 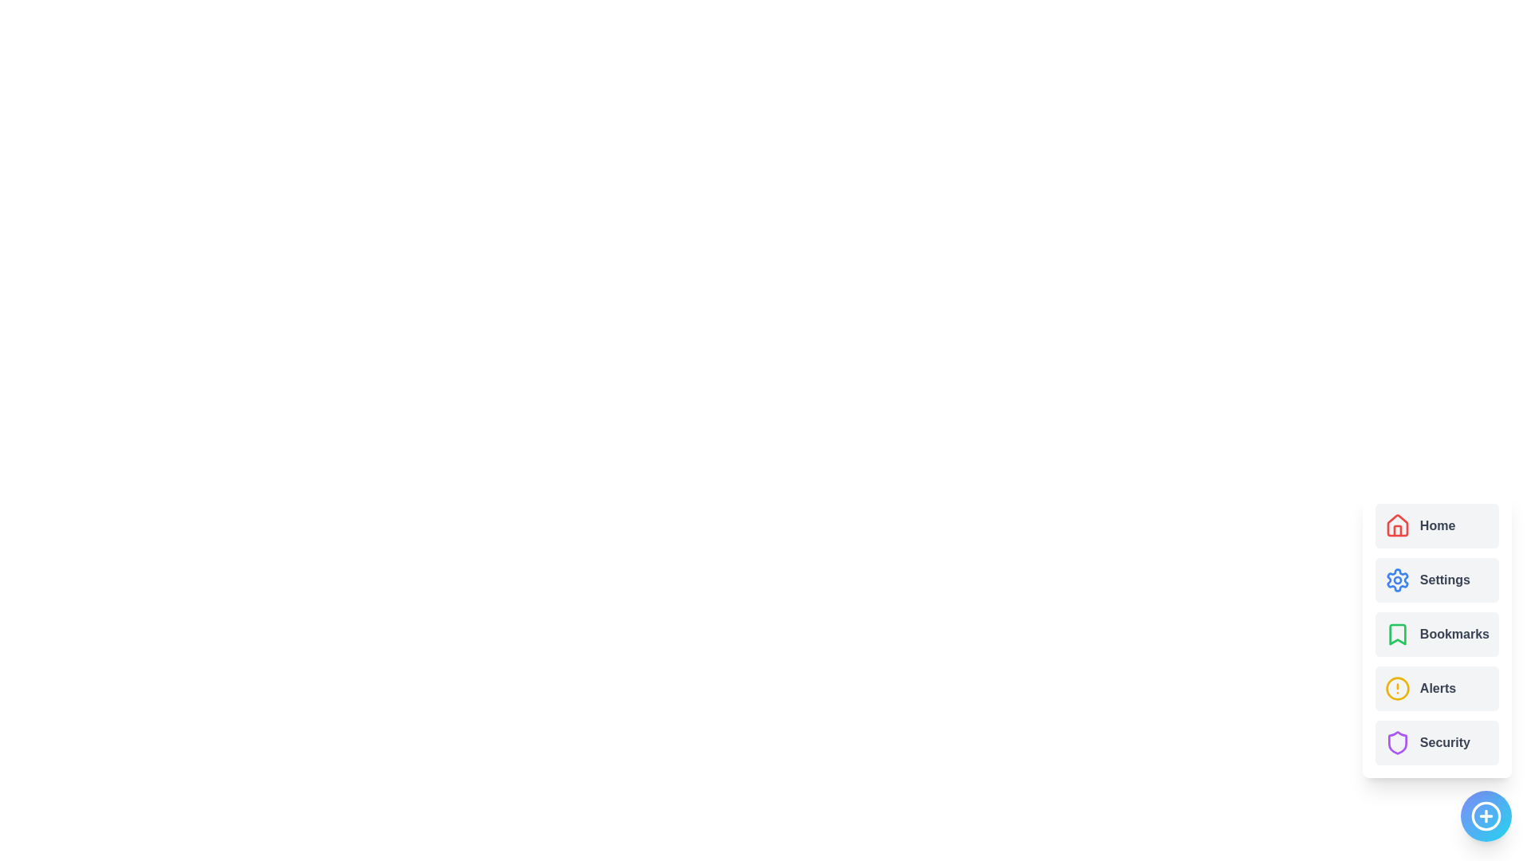 I want to click on the menu item Bookmarks from the ActionSpeedDial component, so click(x=1436, y=633).